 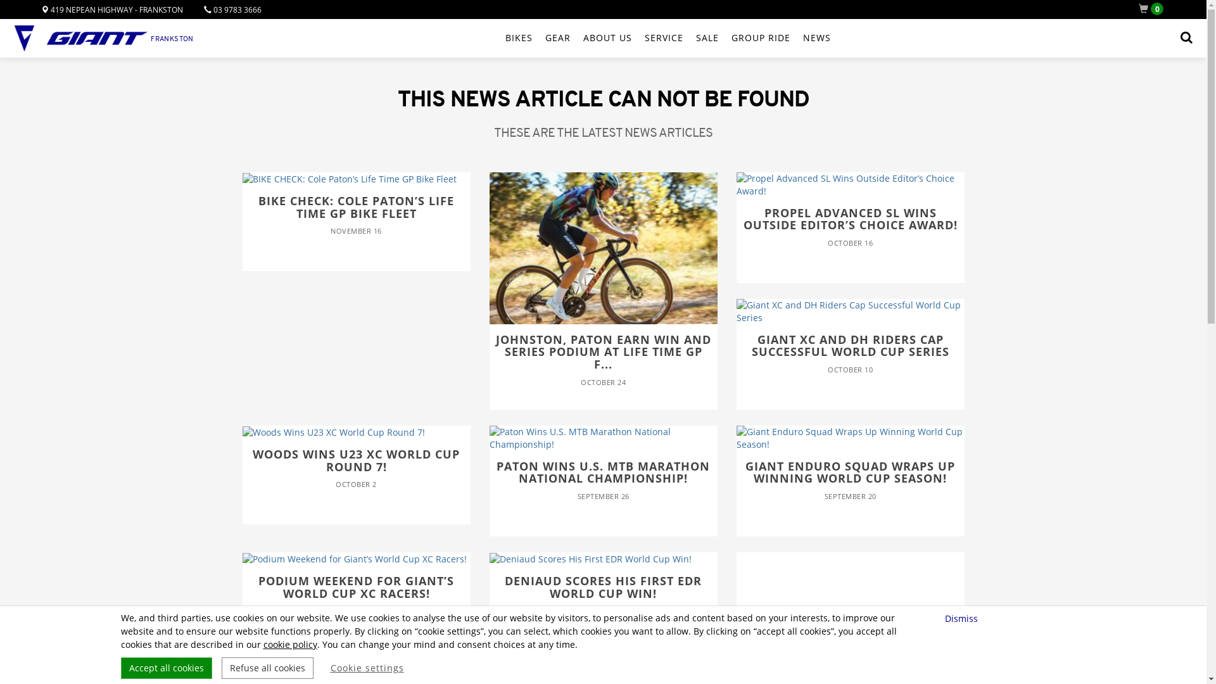 I want to click on 'SALE', so click(x=707, y=37).